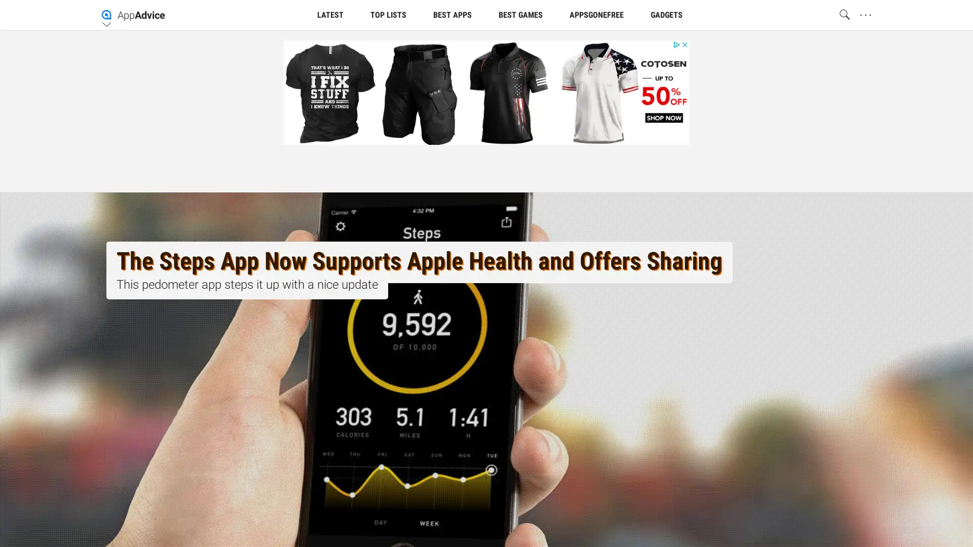 The height and width of the screenshot is (547, 973). I want to click on Apps, so click(570, 95).